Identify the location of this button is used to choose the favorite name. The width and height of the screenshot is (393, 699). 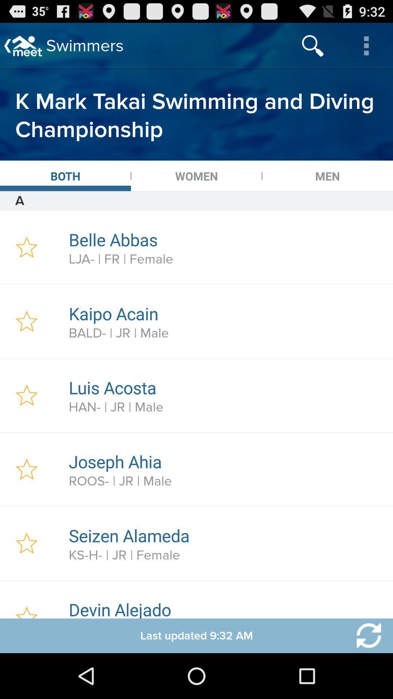
(26, 395).